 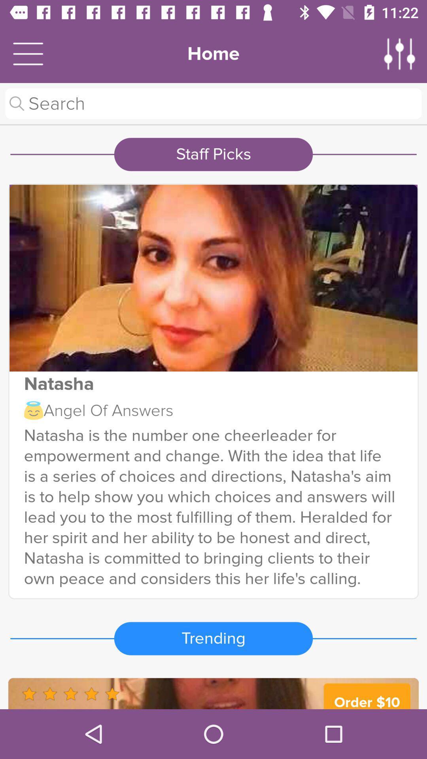 I want to click on show the full image, so click(x=213, y=278).